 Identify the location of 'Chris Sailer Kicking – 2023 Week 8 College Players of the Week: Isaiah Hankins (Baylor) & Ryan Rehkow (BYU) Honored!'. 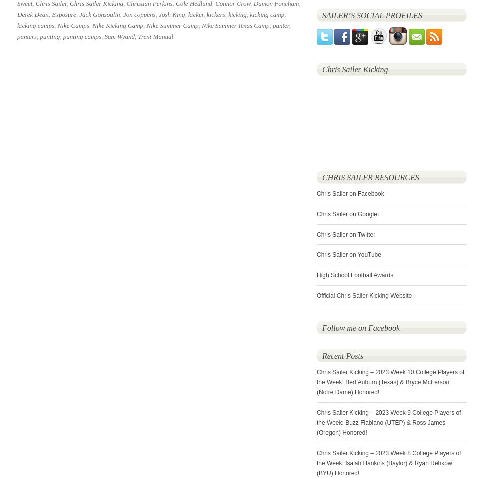
(388, 463).